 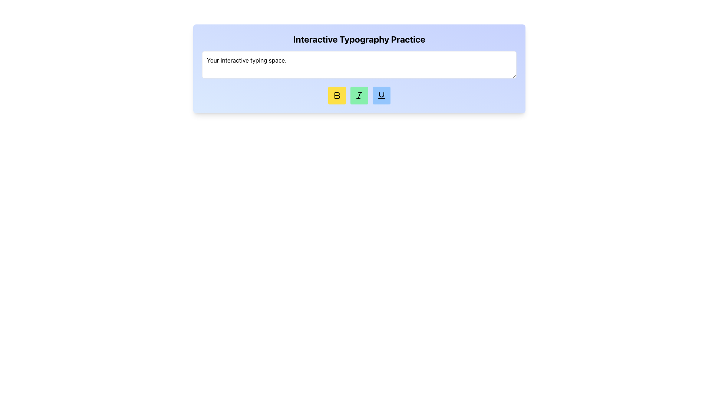 I want to click on the underline formatting icon in the blue button located at the middle-bottom section of the display area to change its appearance, so click(x=381, y=95).